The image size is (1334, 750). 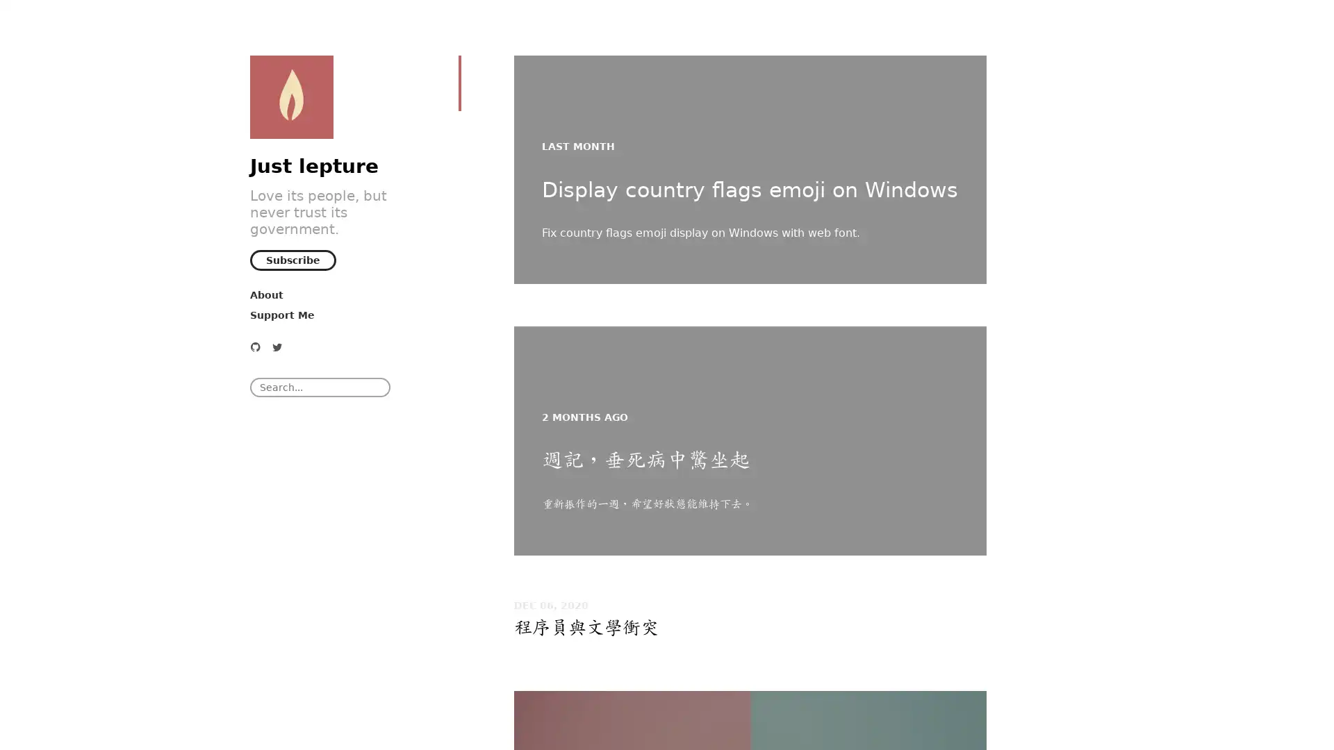 What do you see at coordinates (293, 260) in the screenshot?
I see `Subscribe` at bounding box center [293, 260].